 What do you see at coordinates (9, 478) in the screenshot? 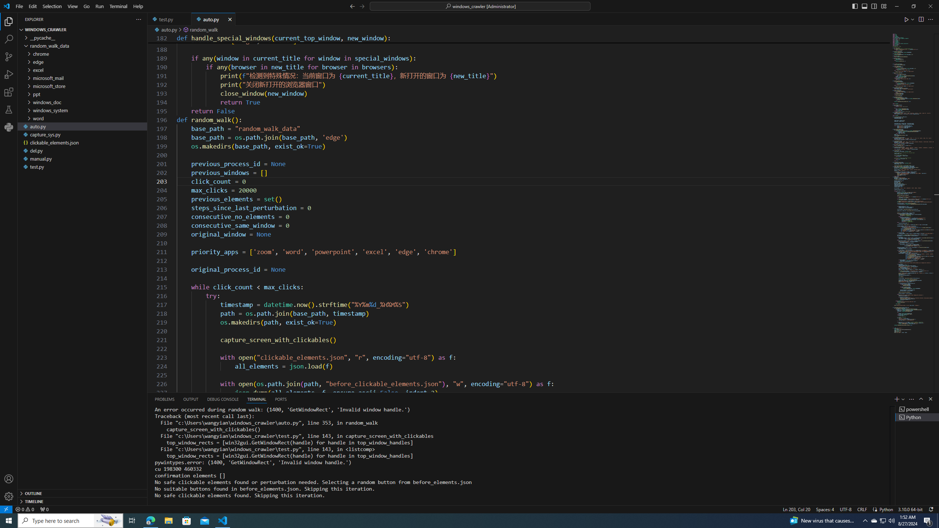
I see `'Accounts'` at bounding box center [9, 478].